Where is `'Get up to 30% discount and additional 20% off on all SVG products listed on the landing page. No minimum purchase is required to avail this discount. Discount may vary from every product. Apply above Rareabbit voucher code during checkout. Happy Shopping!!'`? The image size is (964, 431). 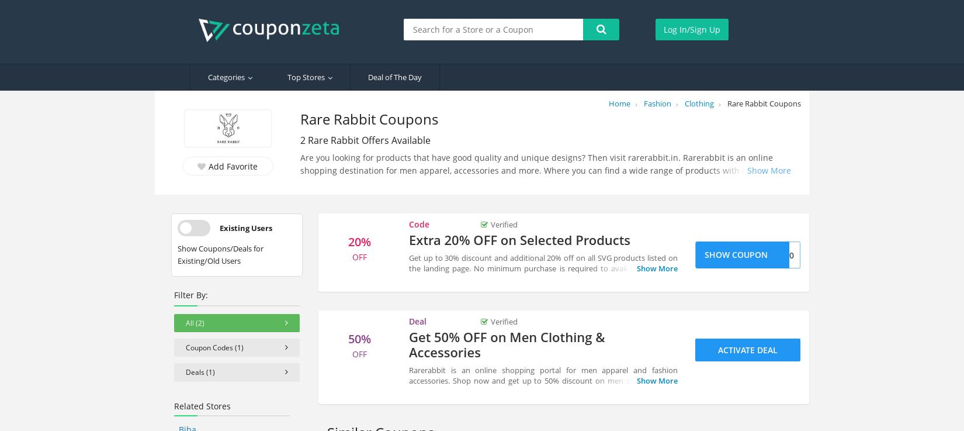
'Get up to 30% discount and additional 20% off on all SVG products listed on the landing page. No minimum purchase is required to avail this discount. Discount may vary from every product. Apply above Rareabbit voucher code during checkout. Happy Shopping!!' is located at coordinates (408, 273).